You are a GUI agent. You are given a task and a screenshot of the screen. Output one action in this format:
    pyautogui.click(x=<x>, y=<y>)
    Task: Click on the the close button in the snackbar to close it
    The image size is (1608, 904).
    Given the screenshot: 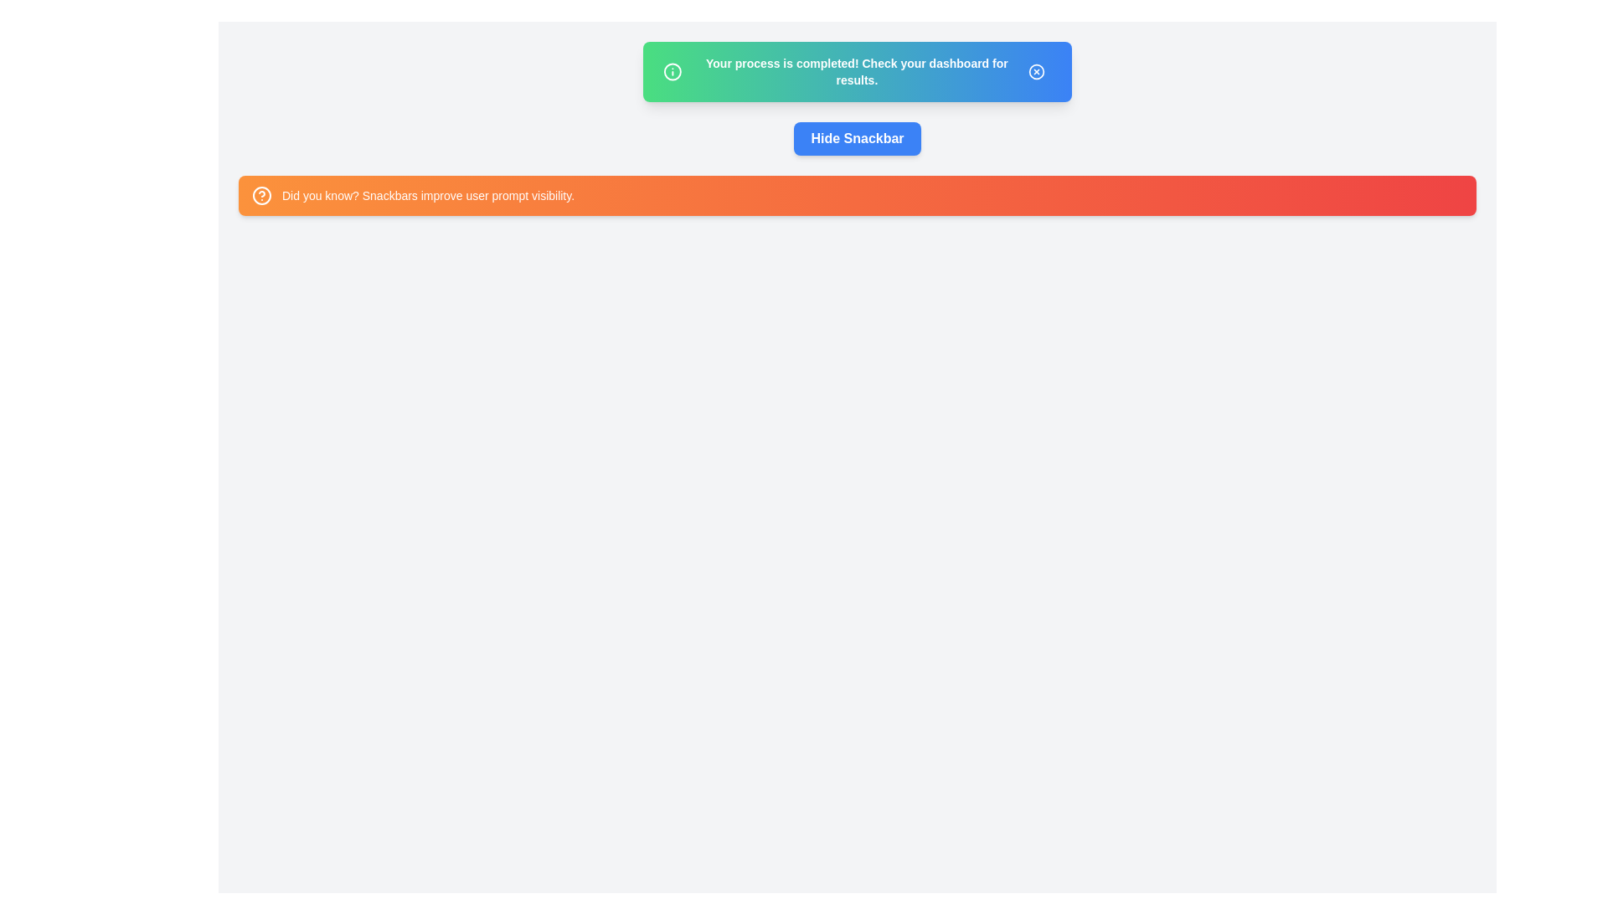 What is the action you would take?
    pyautogui.click(x=1036, y=70)
    